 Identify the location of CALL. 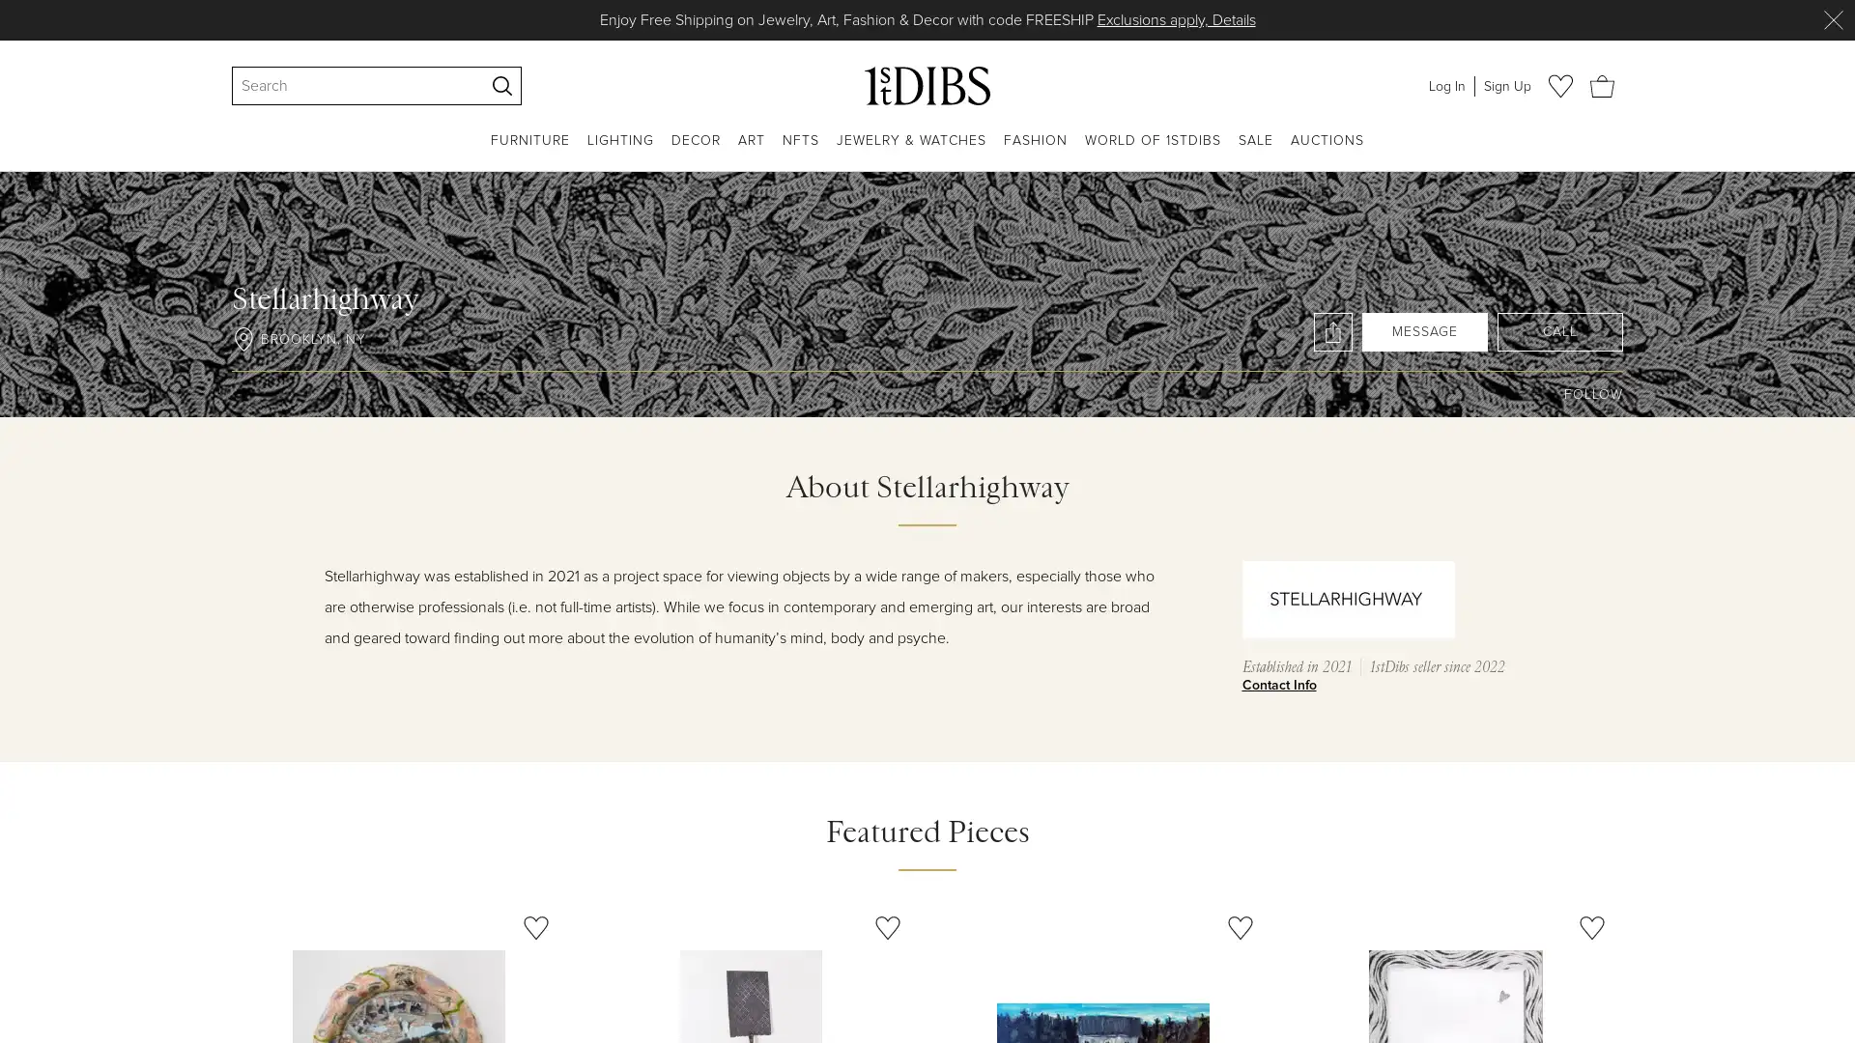
(1559, 330).